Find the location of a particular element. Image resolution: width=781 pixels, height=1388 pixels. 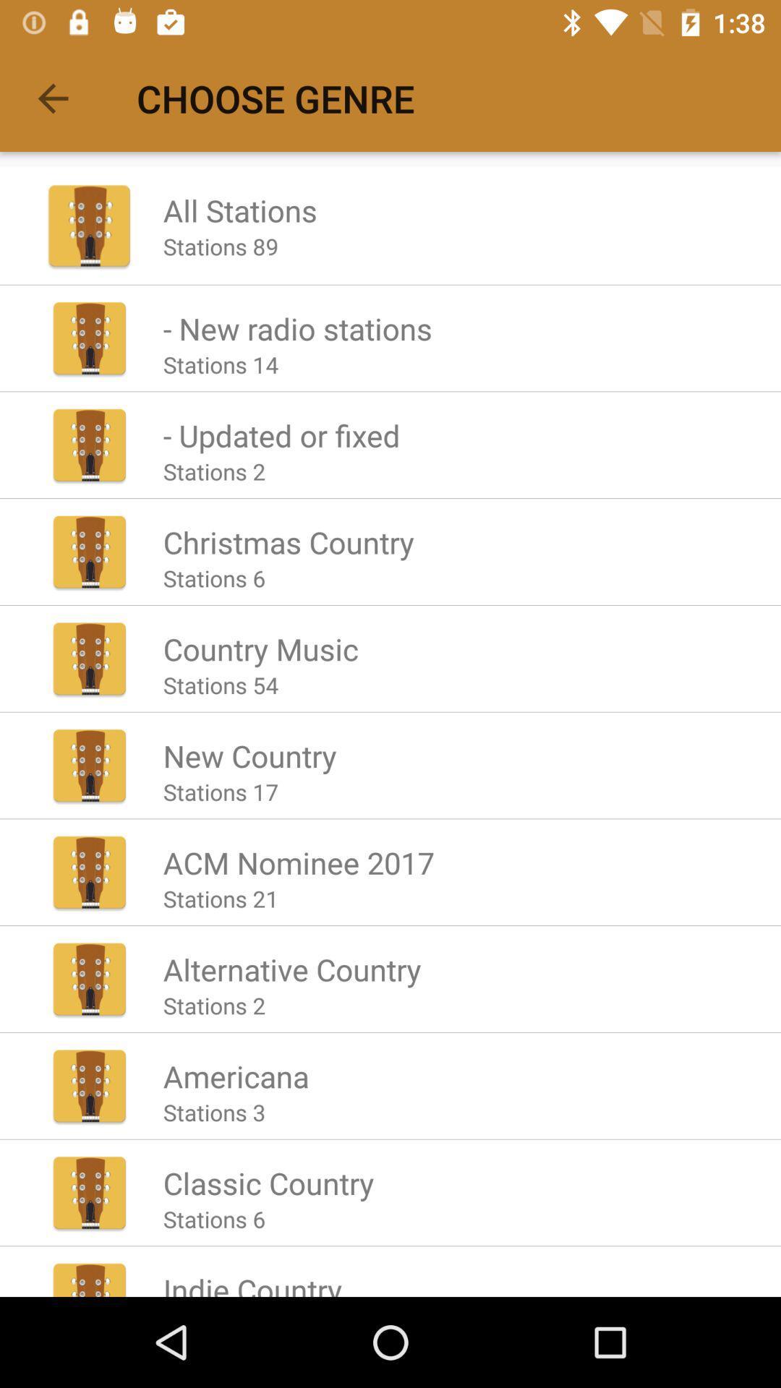

the stations 89 icon is located at coordinates (221, 246).